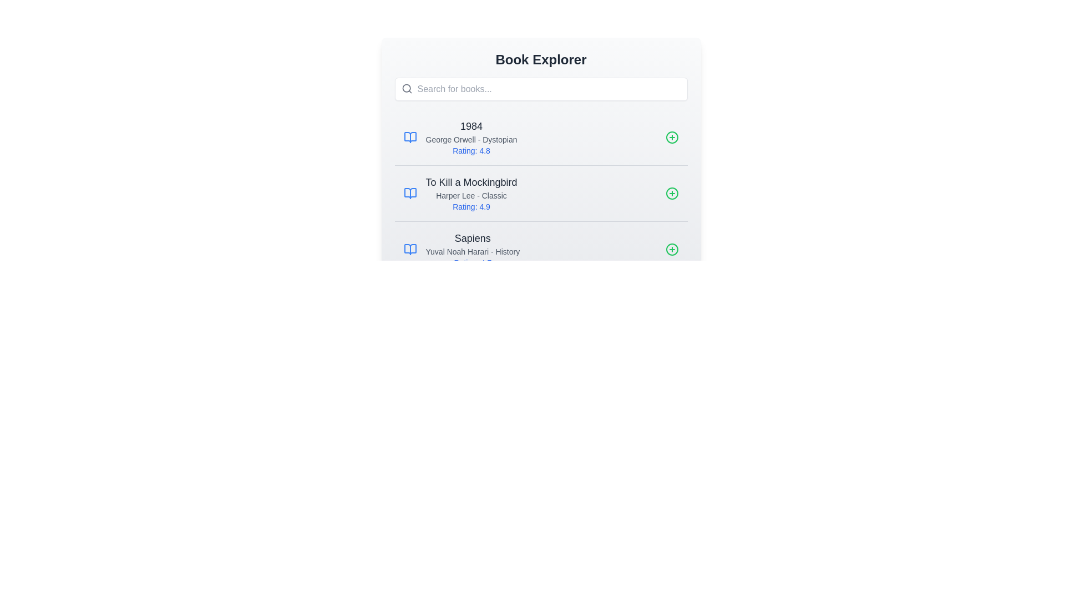 The width and height of the screenshot is (1065, 599). What do you see at coordinates (471, 195) in the screenshot?
I see `the text label 'Harper Lee - Classic', which is styled in smaller gray text and positioned below the title of the book 'To Kill a Mockingbird' in a list interface` at bounding box center [471, 195].